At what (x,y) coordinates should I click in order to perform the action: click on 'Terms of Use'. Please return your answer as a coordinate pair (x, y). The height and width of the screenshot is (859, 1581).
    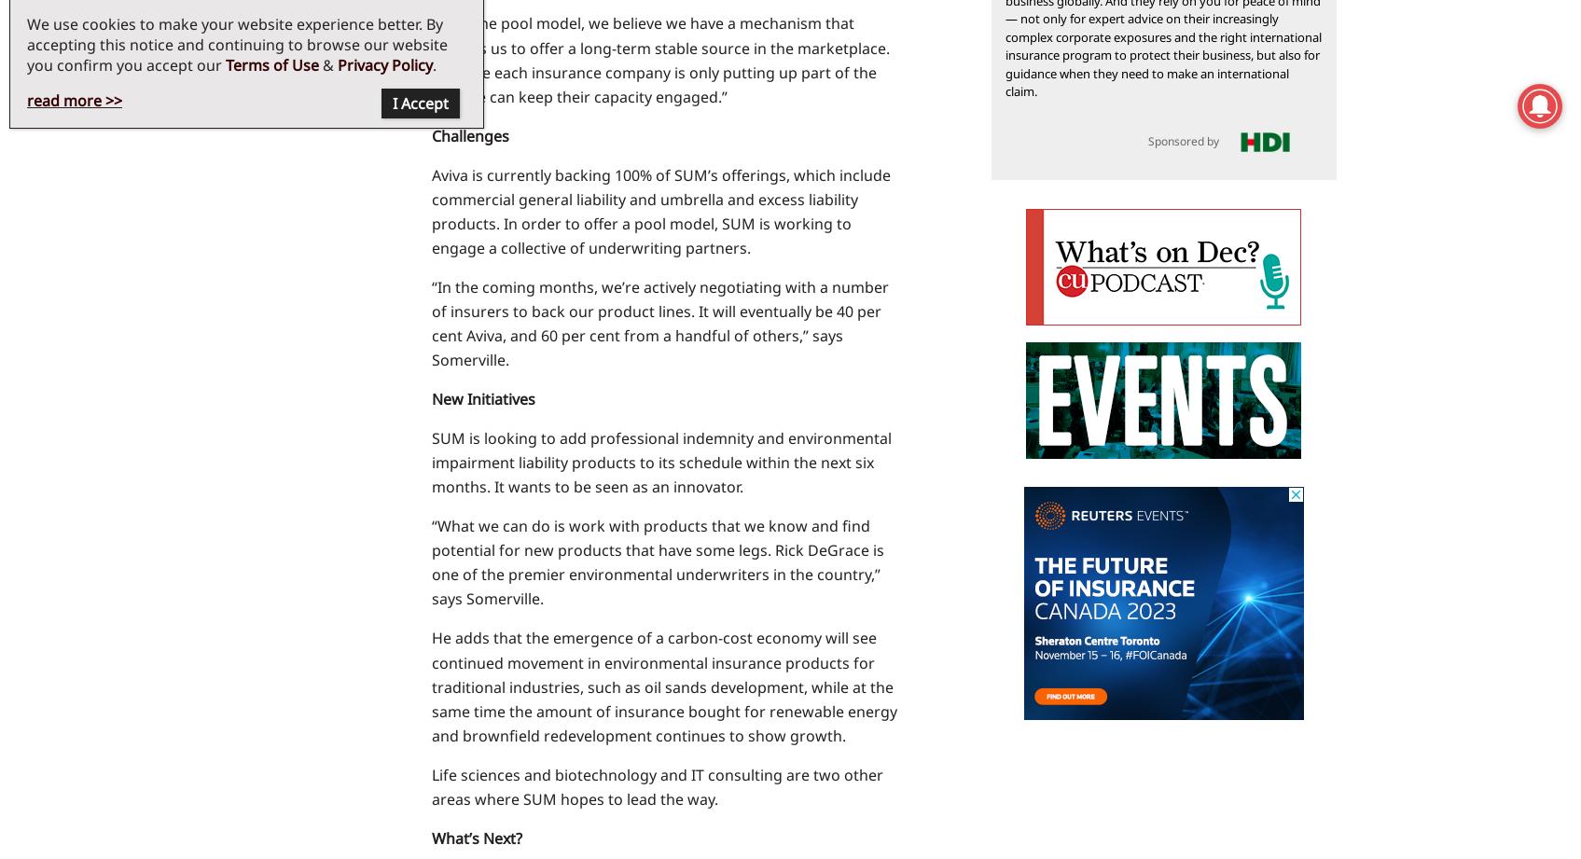
    Looking at the image, I should click on (272, 64).